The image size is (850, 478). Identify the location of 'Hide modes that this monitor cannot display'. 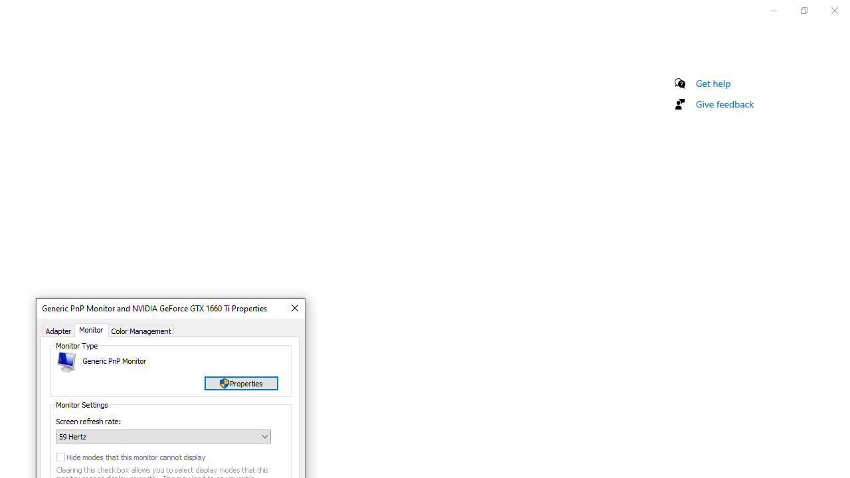
(145, 457).